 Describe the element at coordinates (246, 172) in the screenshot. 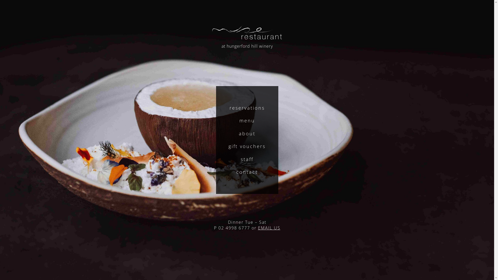

I see `'contact'` at that location.